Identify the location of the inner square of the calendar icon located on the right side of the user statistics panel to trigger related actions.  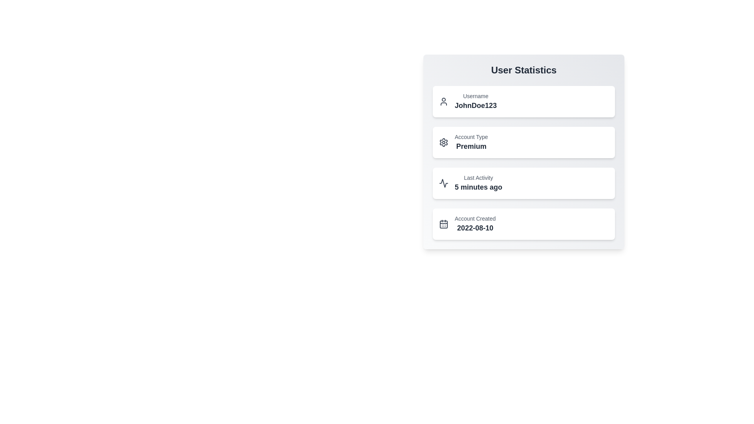
(443, 224).